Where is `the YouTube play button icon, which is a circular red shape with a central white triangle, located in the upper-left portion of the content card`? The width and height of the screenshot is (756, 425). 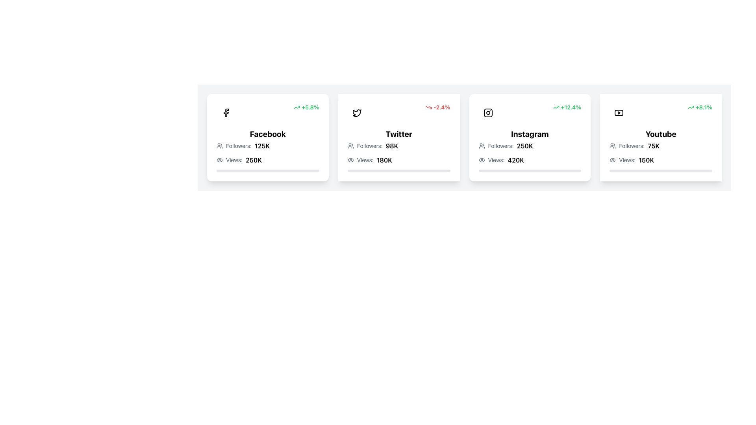
the YouTube play button icon, which is a circular red shape with a central white triangle, located in the upper-left portion of the content card is located at coordinates (619, 113).